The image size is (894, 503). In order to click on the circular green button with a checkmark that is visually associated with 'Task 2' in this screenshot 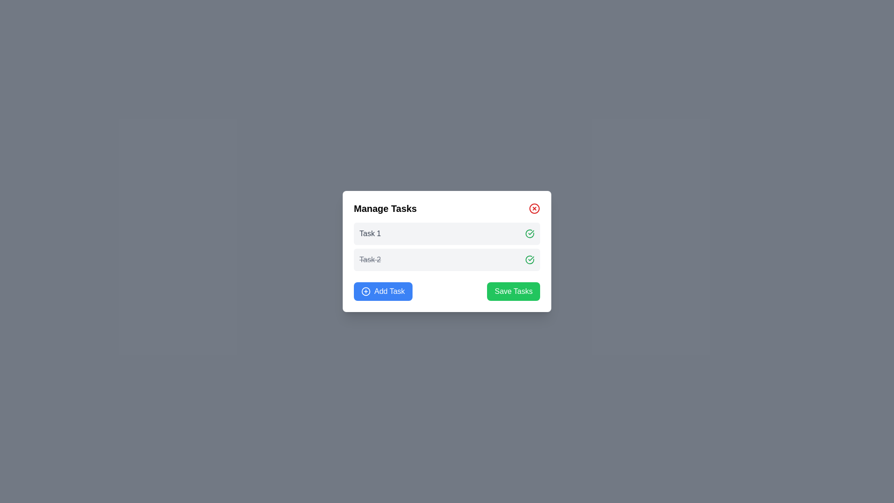, I will do `click(529, 233)`.